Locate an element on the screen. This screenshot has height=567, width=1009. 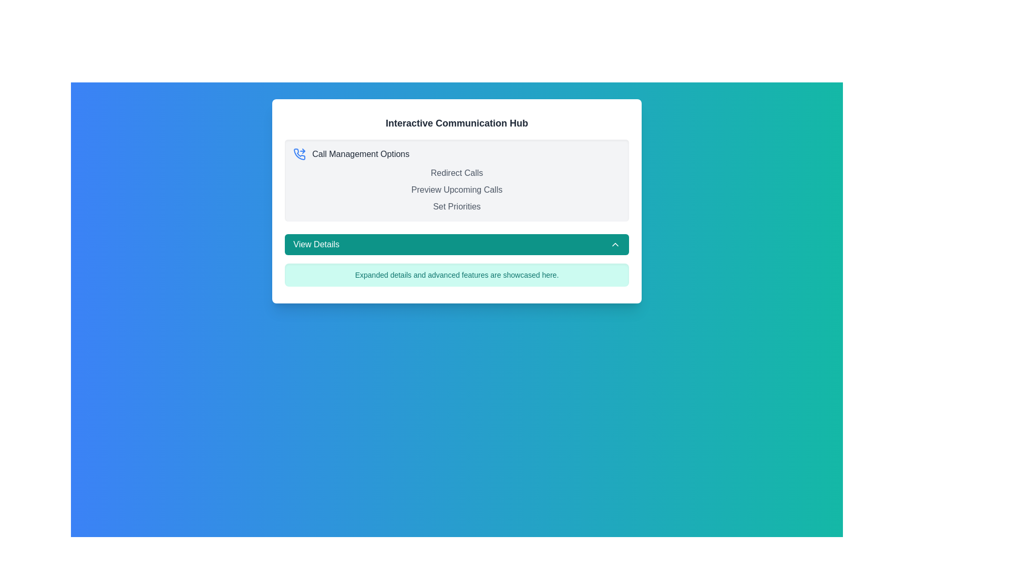
the static text grouping in the 'Call Management Options' section that describes functionalities related to managing calls is located at coordinates (457, 190).